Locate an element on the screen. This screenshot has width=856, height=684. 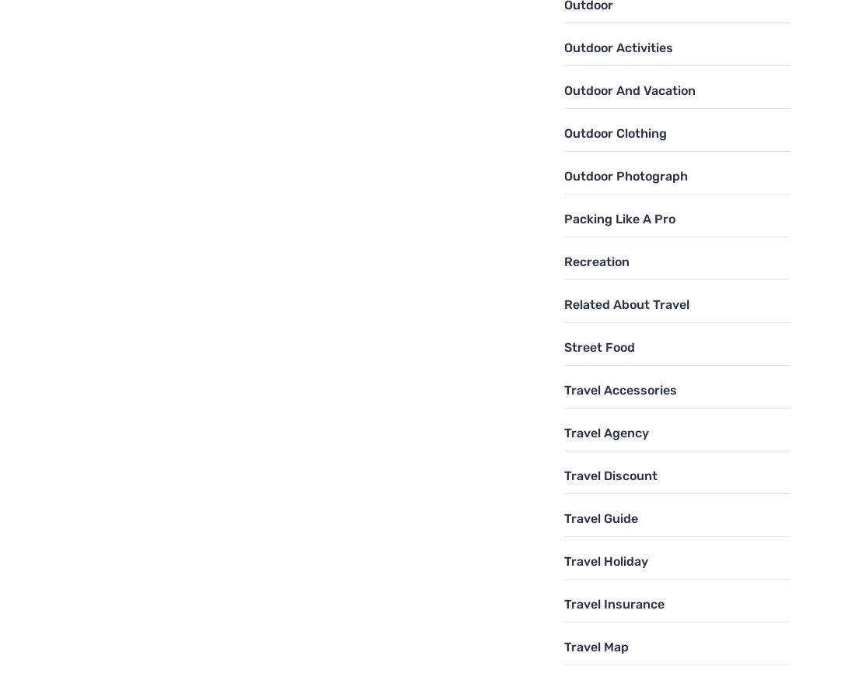
'Travel Guide' is located at coordinates (600, 517).